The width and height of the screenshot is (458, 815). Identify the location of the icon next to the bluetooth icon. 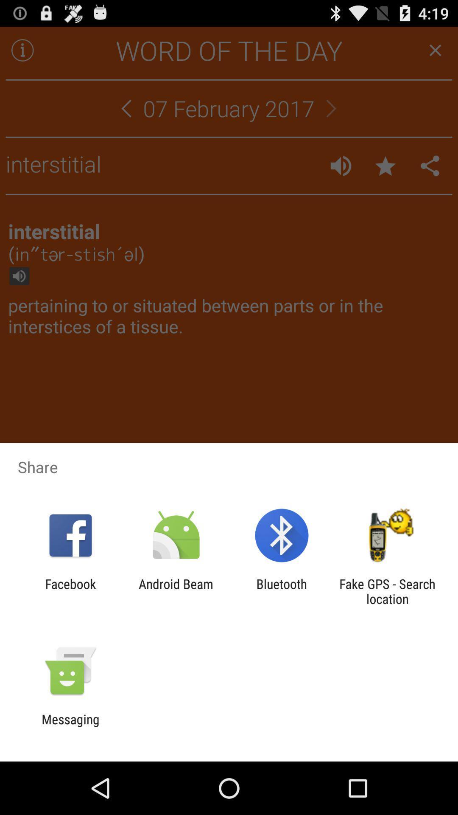
(176, 591).